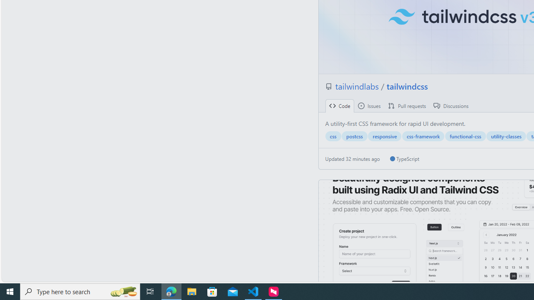  I want to click on 'utility-classes', so click(506, 136).